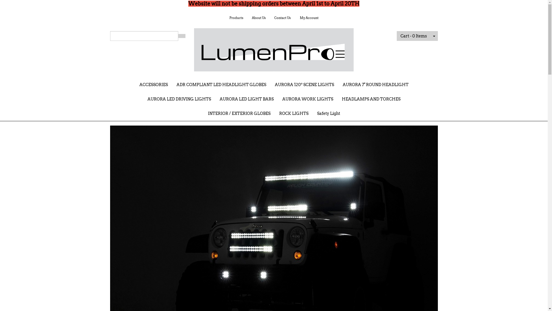  I want to click on 'LumenPro', so click(273, 47).